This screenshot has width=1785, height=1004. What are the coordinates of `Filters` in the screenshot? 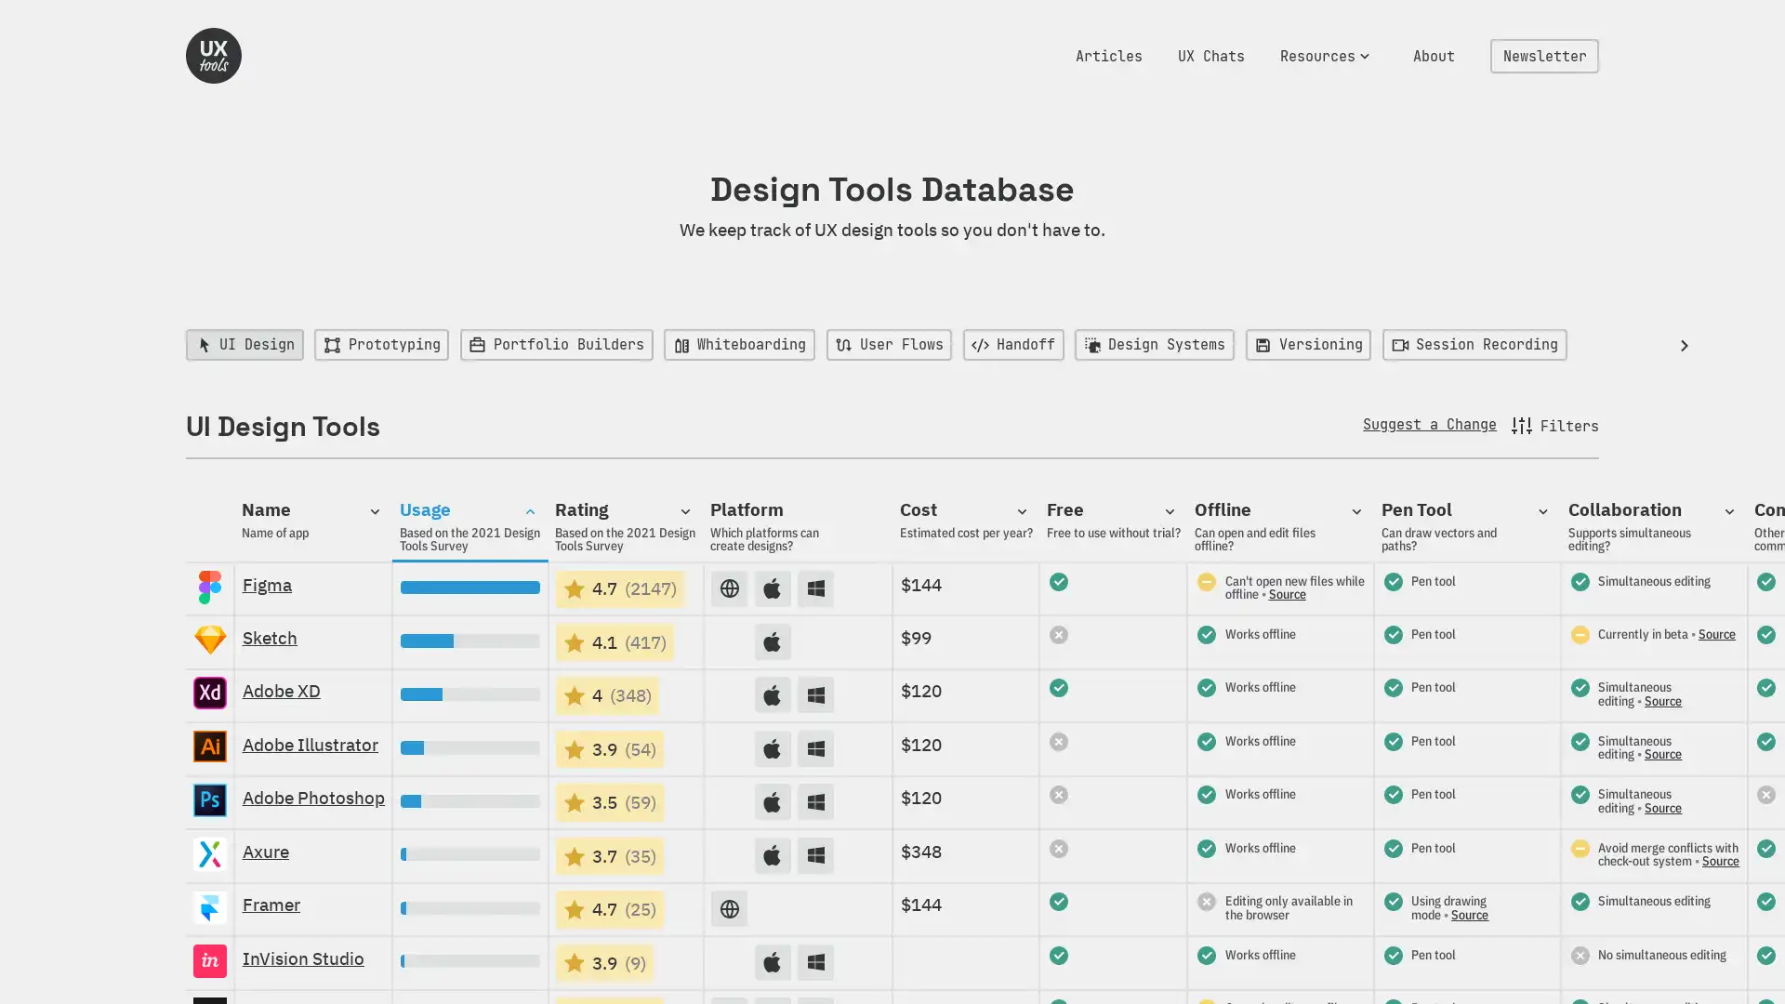 It's located at (1554, 425).